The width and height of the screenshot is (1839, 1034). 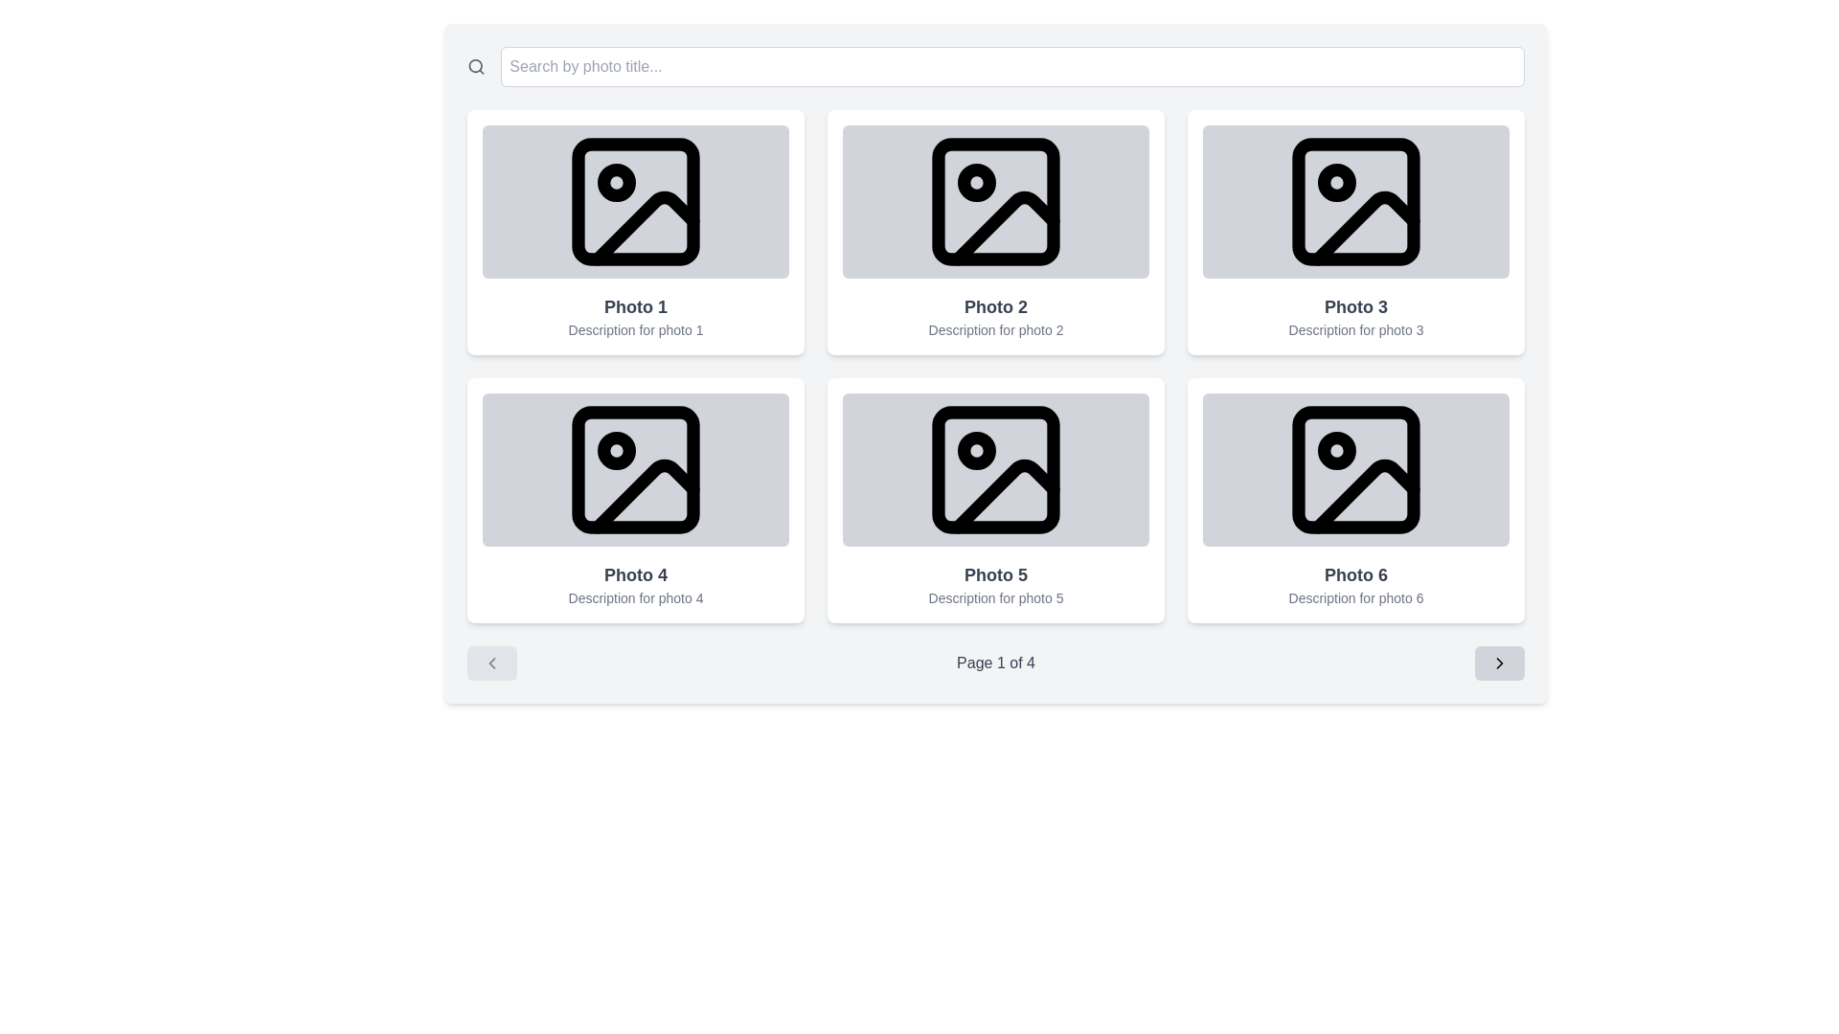 I want to click on the Text label that serves as the title for the content card associated with 'Photo 1', located in the top-left card of the grid layout, so click(x=635, y=305).